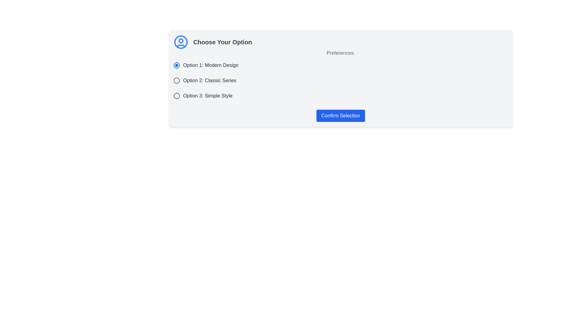 The image size is (587, 330). What do you see at coordinates (176, 96) in the screenshot?
I see `the unchecked radio button located in the third option of the vertical list` at bounding box center [176, 96].